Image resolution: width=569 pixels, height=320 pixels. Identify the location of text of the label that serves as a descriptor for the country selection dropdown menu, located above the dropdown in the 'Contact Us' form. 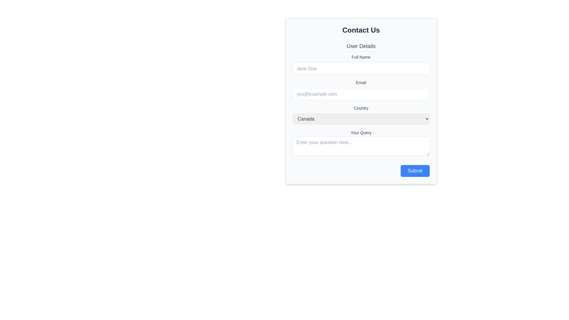
(361, 108).